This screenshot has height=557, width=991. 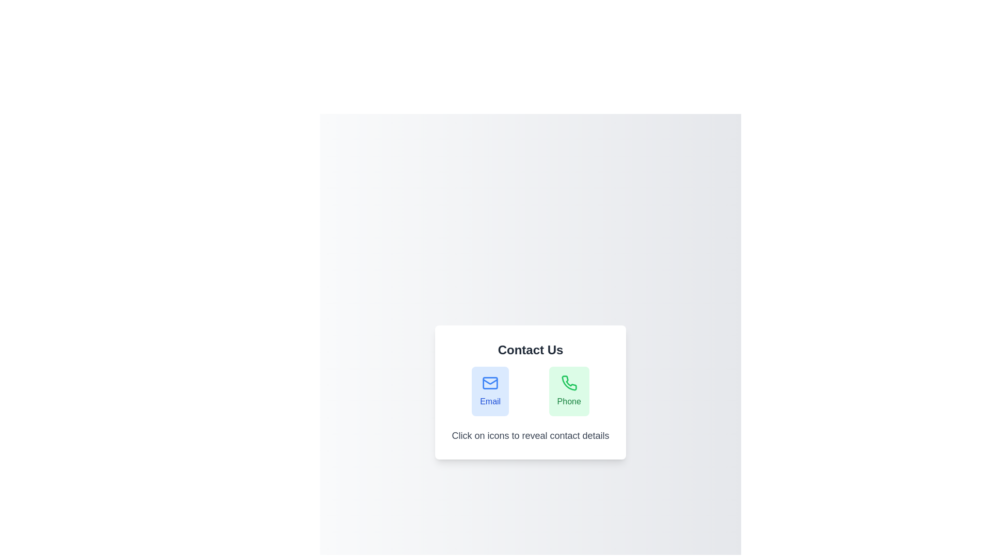 I want to click on the green phone icon with a minimalistic style located within a green square background, so click(x=568, y=383).